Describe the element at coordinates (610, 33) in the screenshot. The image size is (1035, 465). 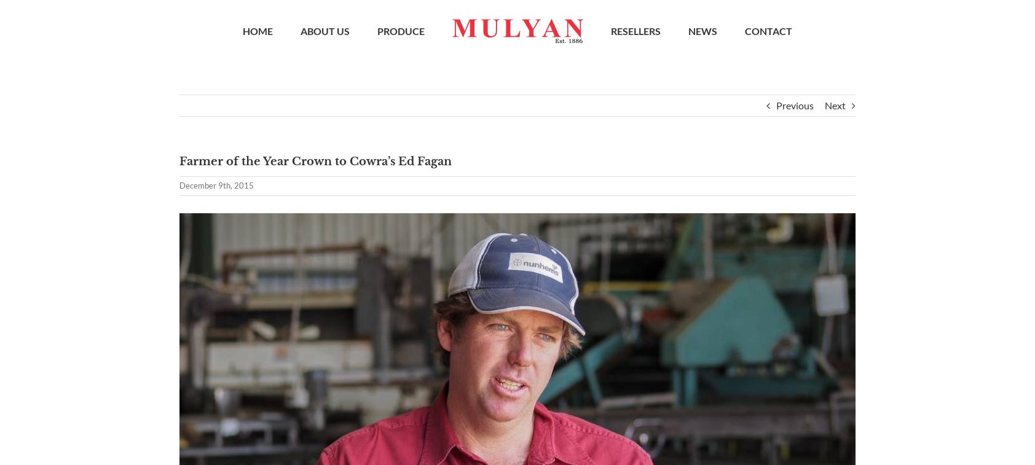
I see `'RESELLERS'` at that location.